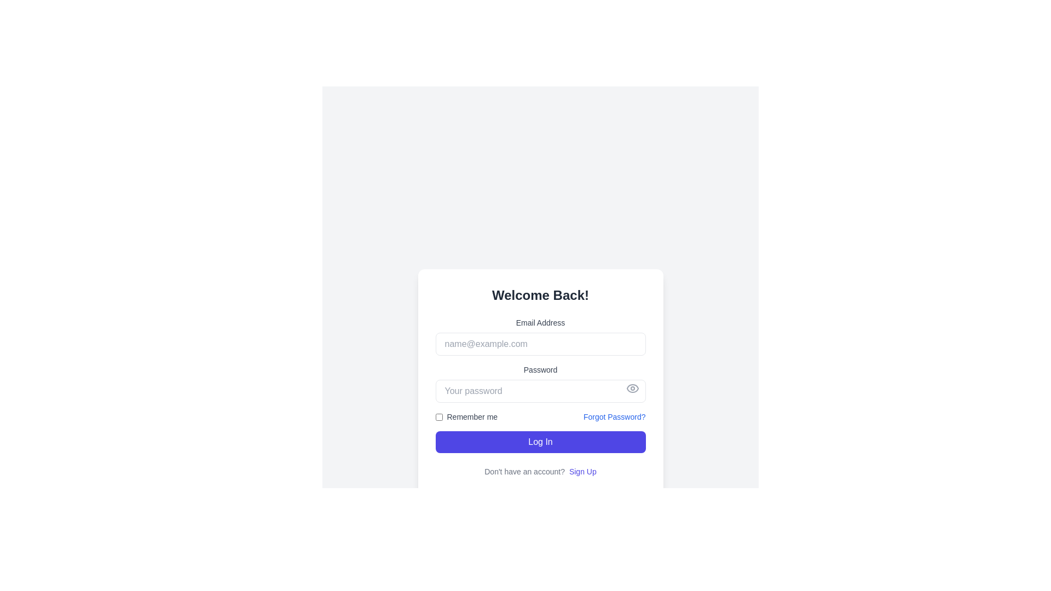  I want to click on the 'Sign Up' hyperlink located below the 'Log In' button in gray text, which navigates to the sign-up page, so click(540, 471).